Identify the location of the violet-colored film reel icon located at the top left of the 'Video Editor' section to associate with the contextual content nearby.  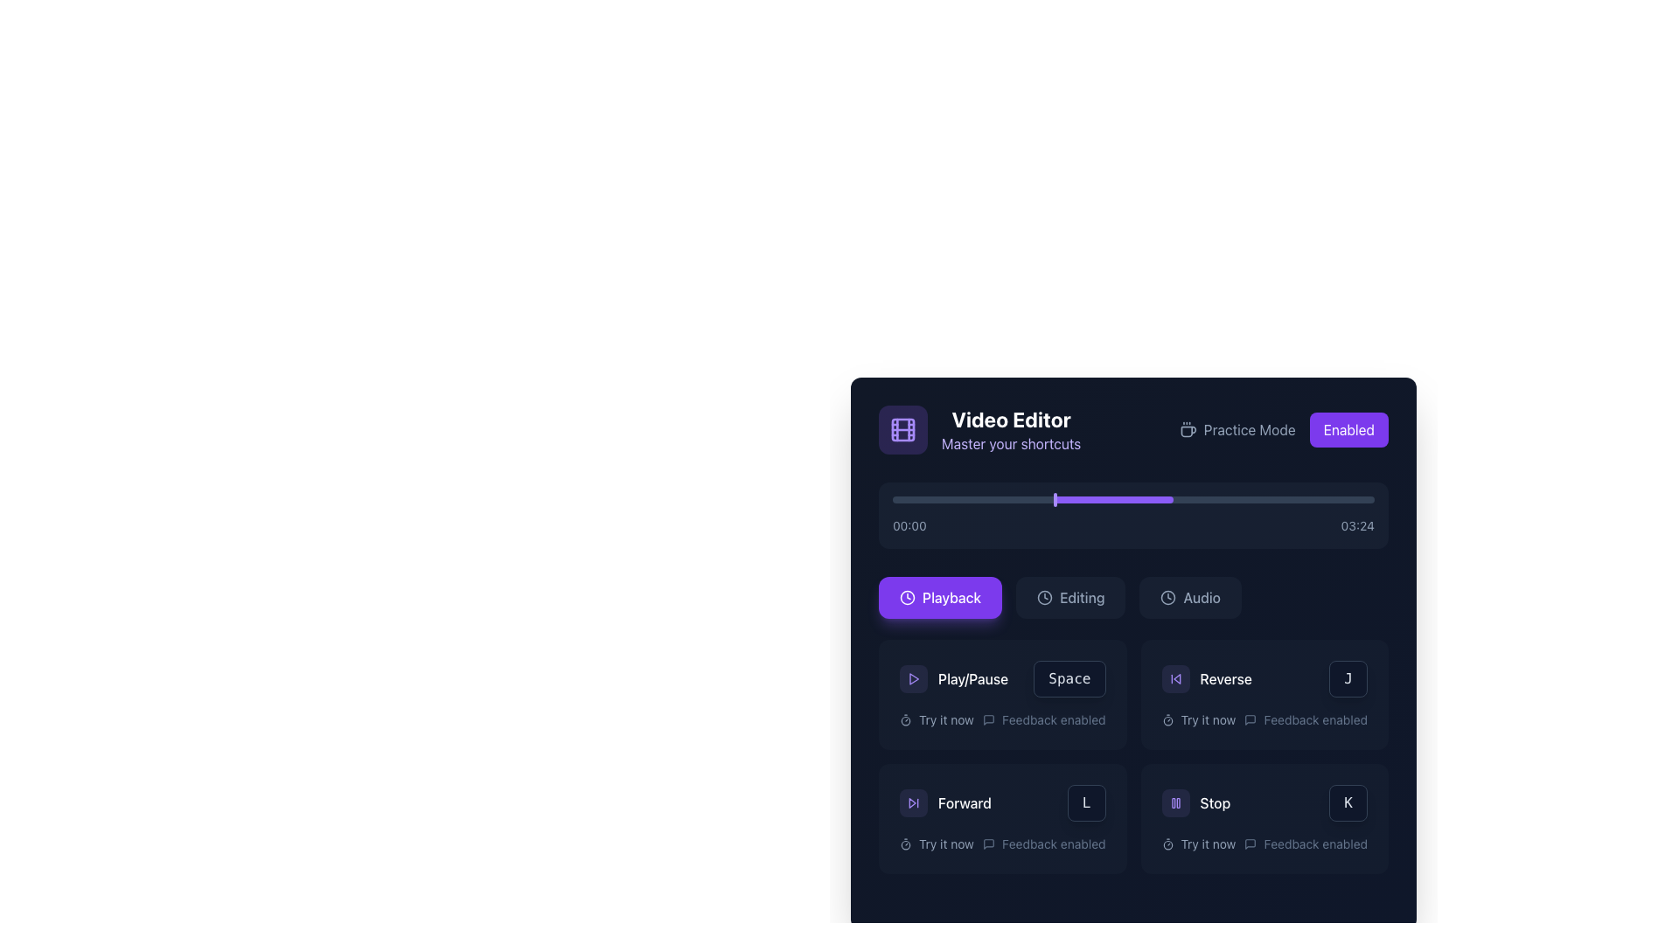
(902, 430).